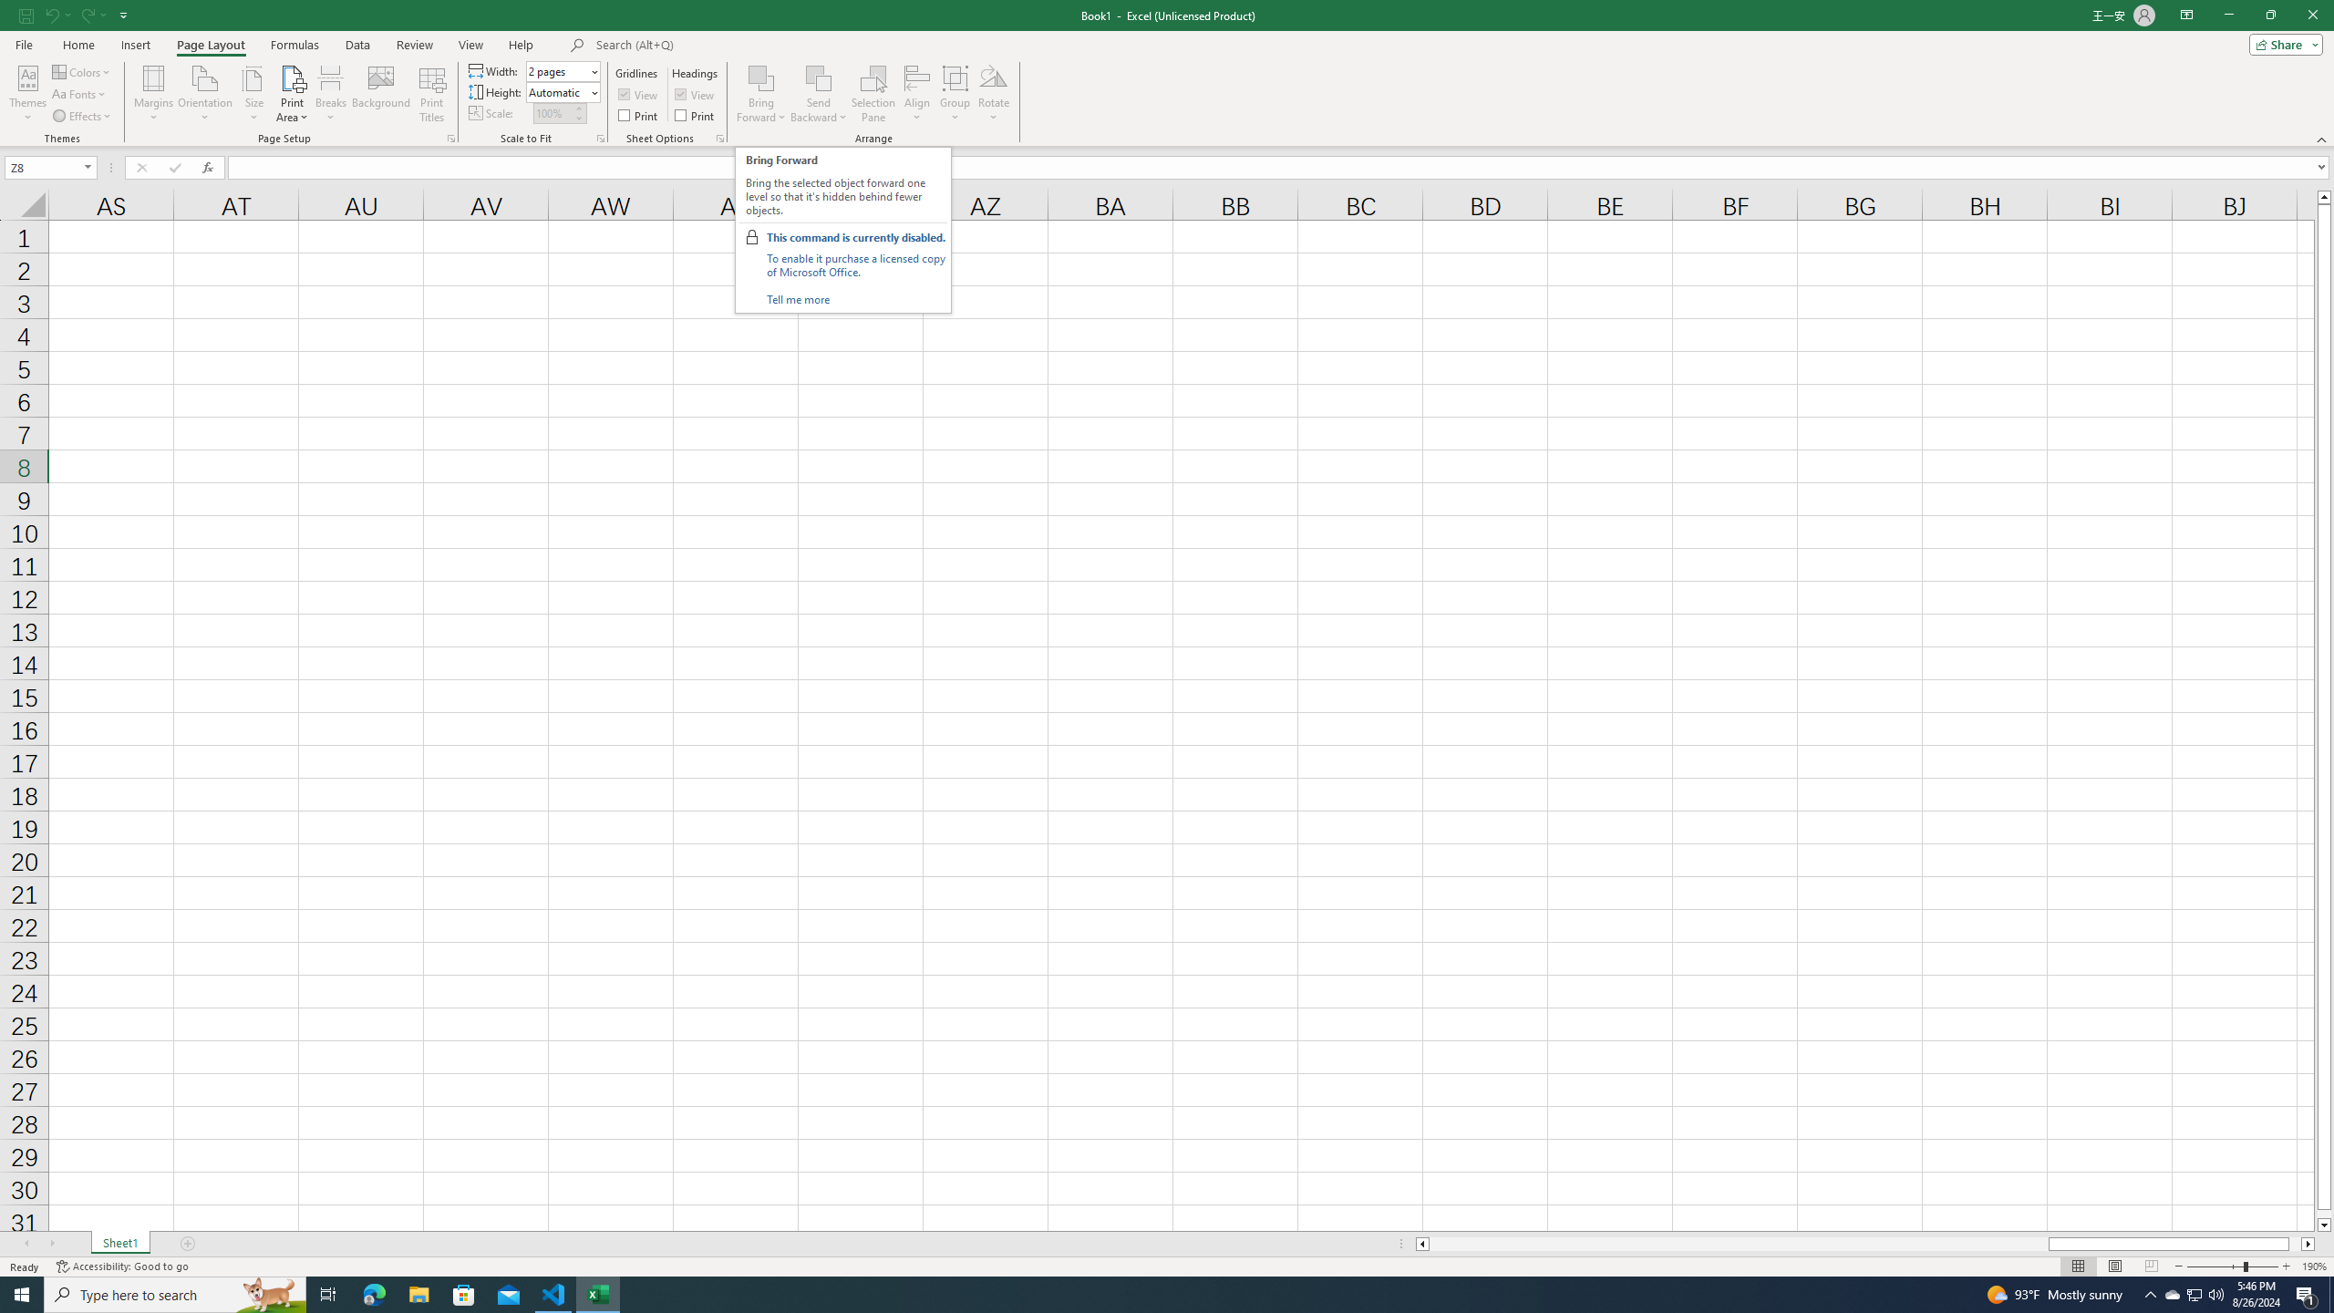 This screenshot has width=2334, height=1313. I want to click on 'More', so click(577, 108).